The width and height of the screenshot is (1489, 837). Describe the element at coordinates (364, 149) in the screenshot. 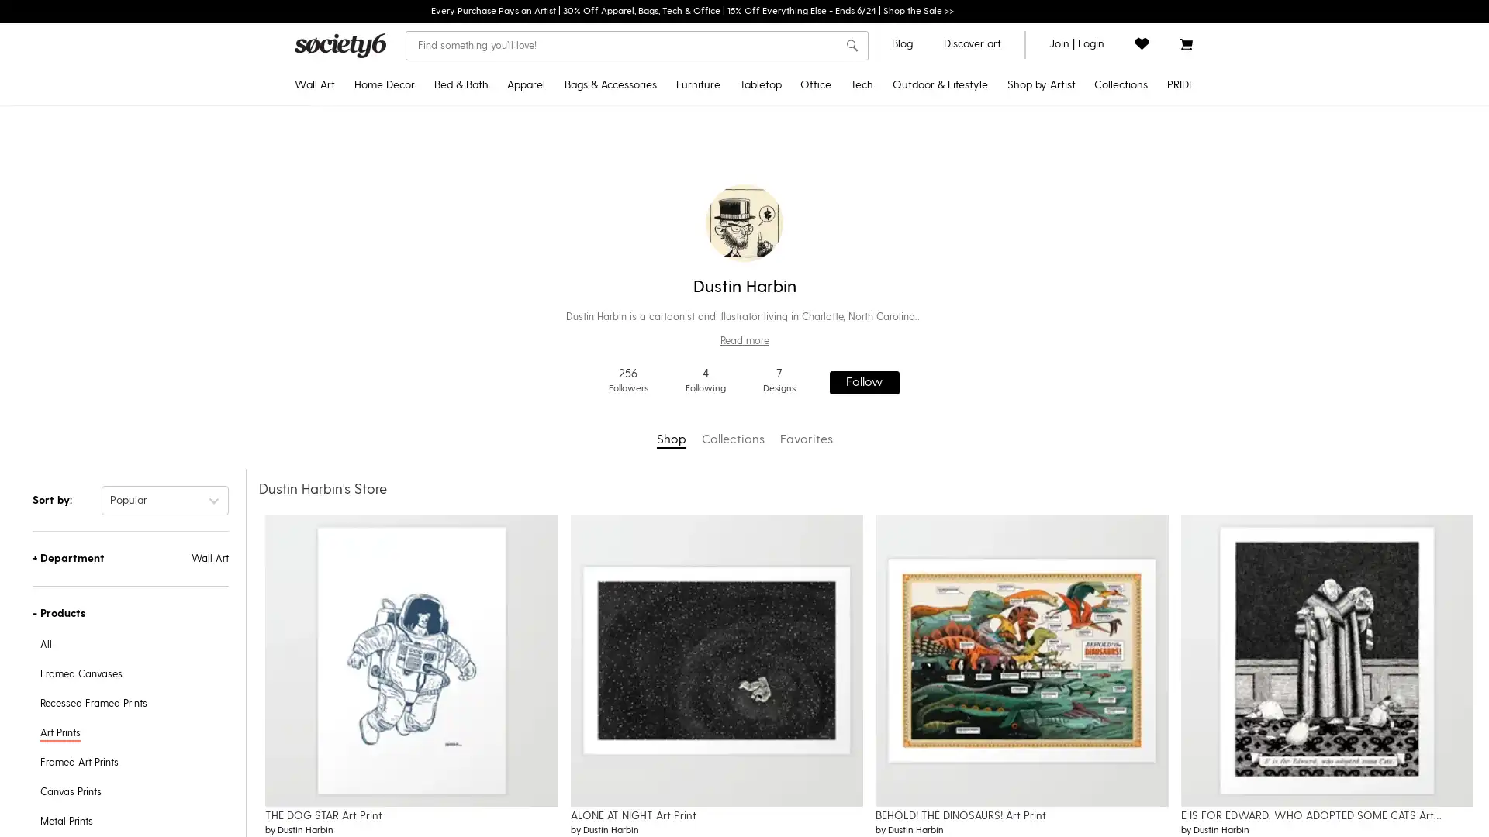

I see `Framed Art Prints` at that location.